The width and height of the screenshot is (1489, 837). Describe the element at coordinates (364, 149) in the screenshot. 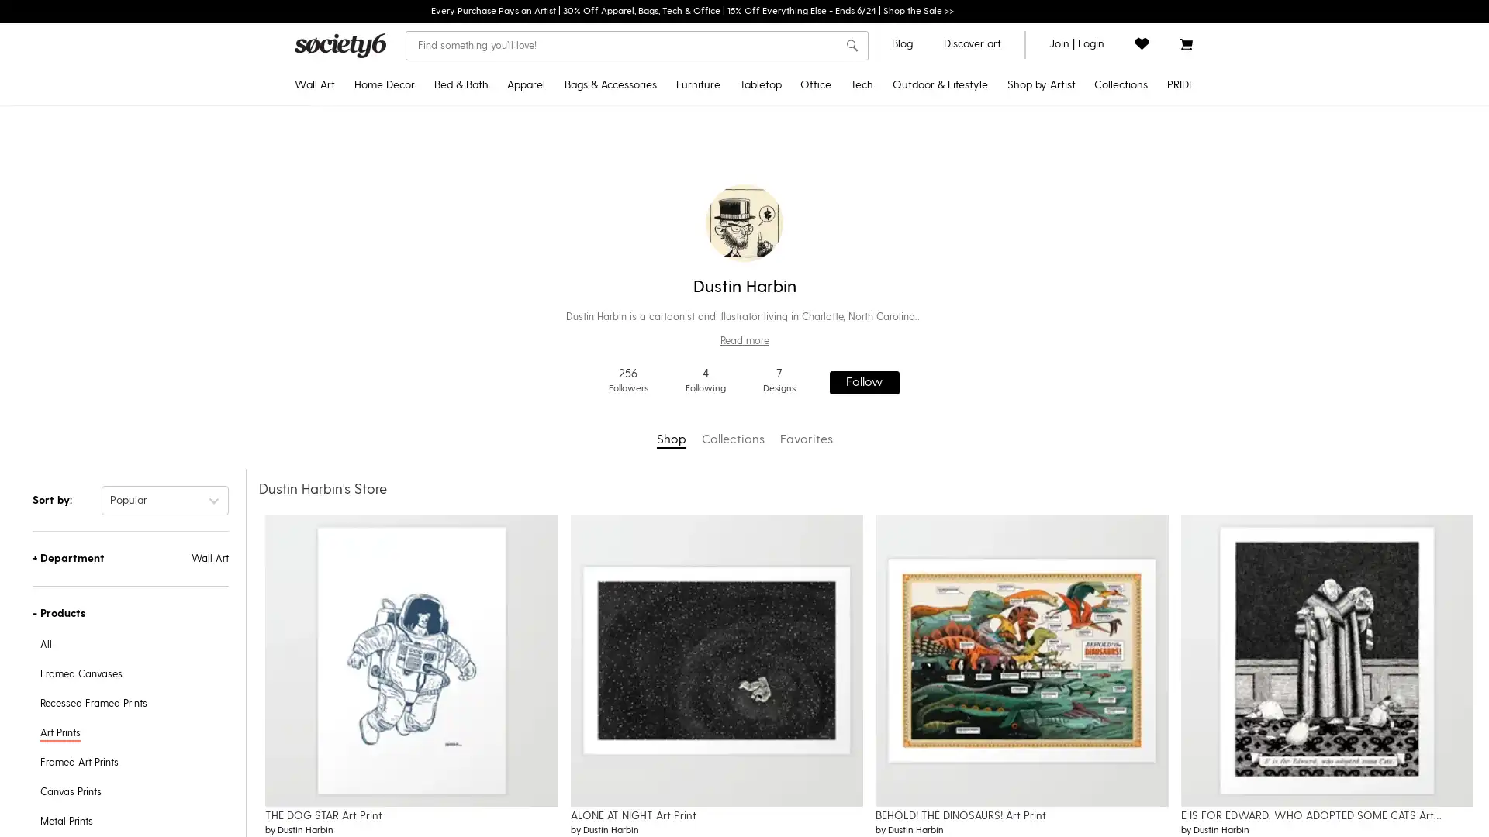

I see `Framed Art Prints` at that location.